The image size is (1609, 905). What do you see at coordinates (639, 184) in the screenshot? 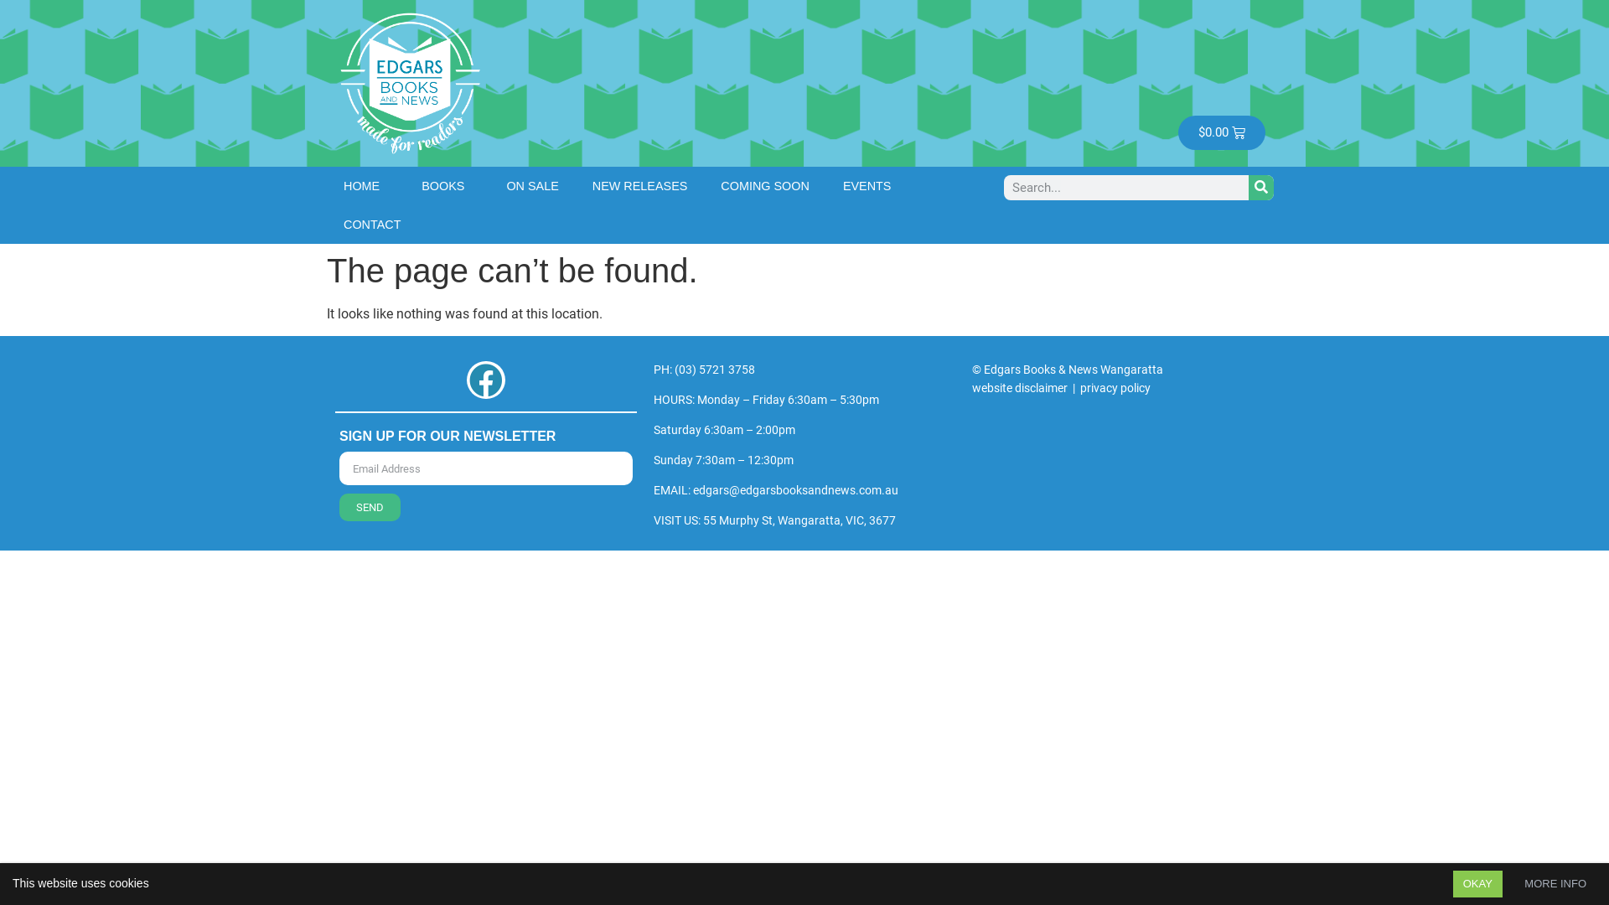
I see `'NEW RELEASES'` at bounding box center [639, 184].